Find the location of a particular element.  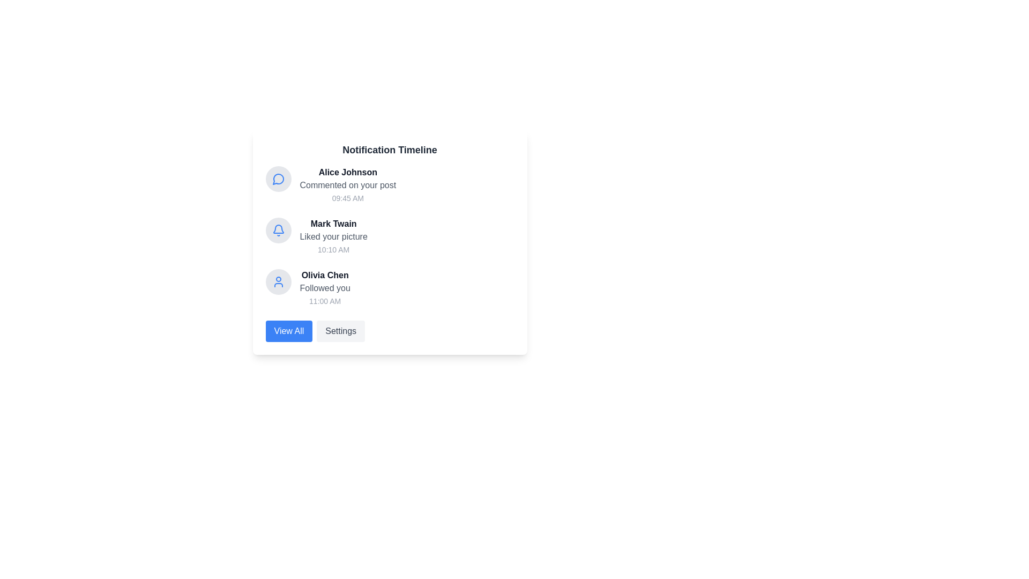

the leftmost button in the notification panel is located at coordinates (289, 330).